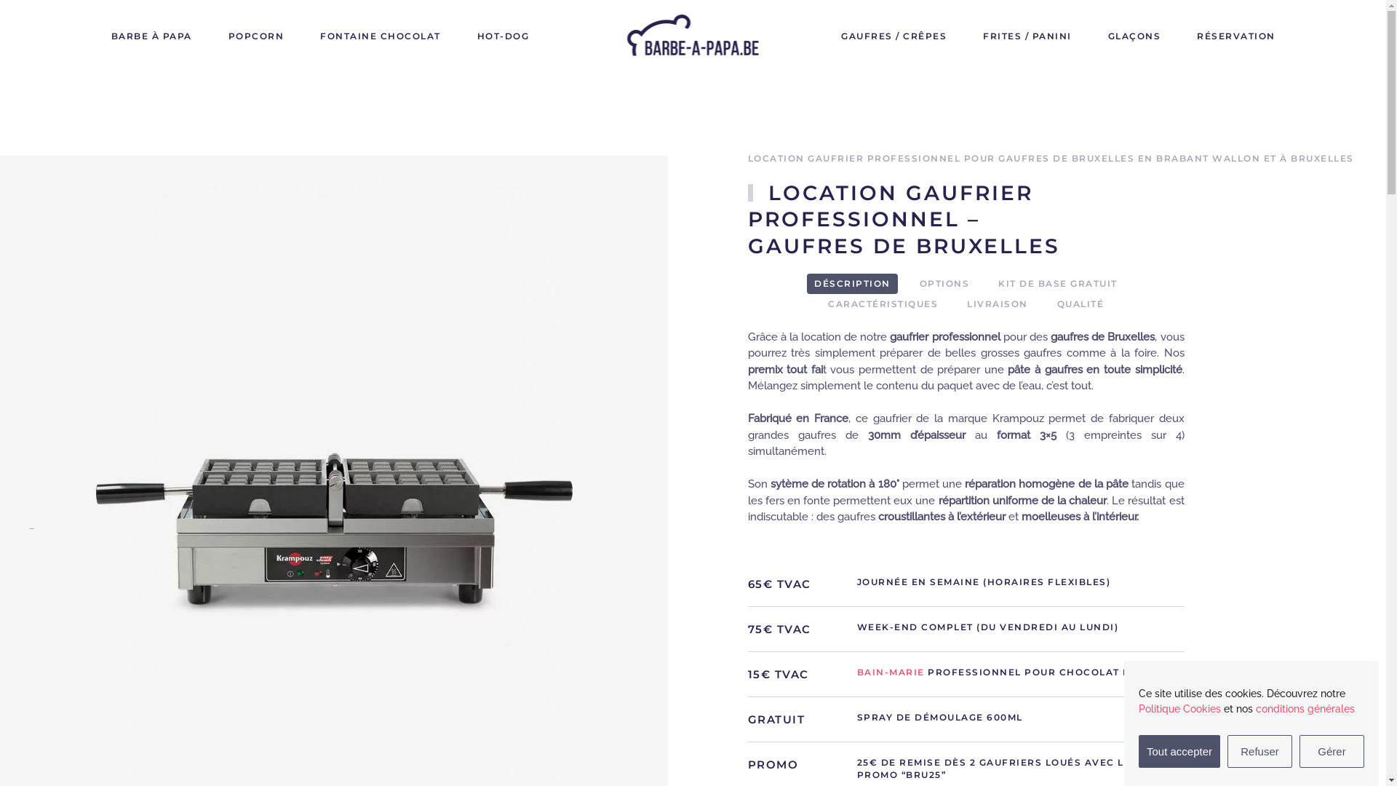 The width and height of the screenshot is (1397, 786). Describe the element at coordinates (1179, 708) in the screenshot. I see `'Politique Cookies'` at that location.